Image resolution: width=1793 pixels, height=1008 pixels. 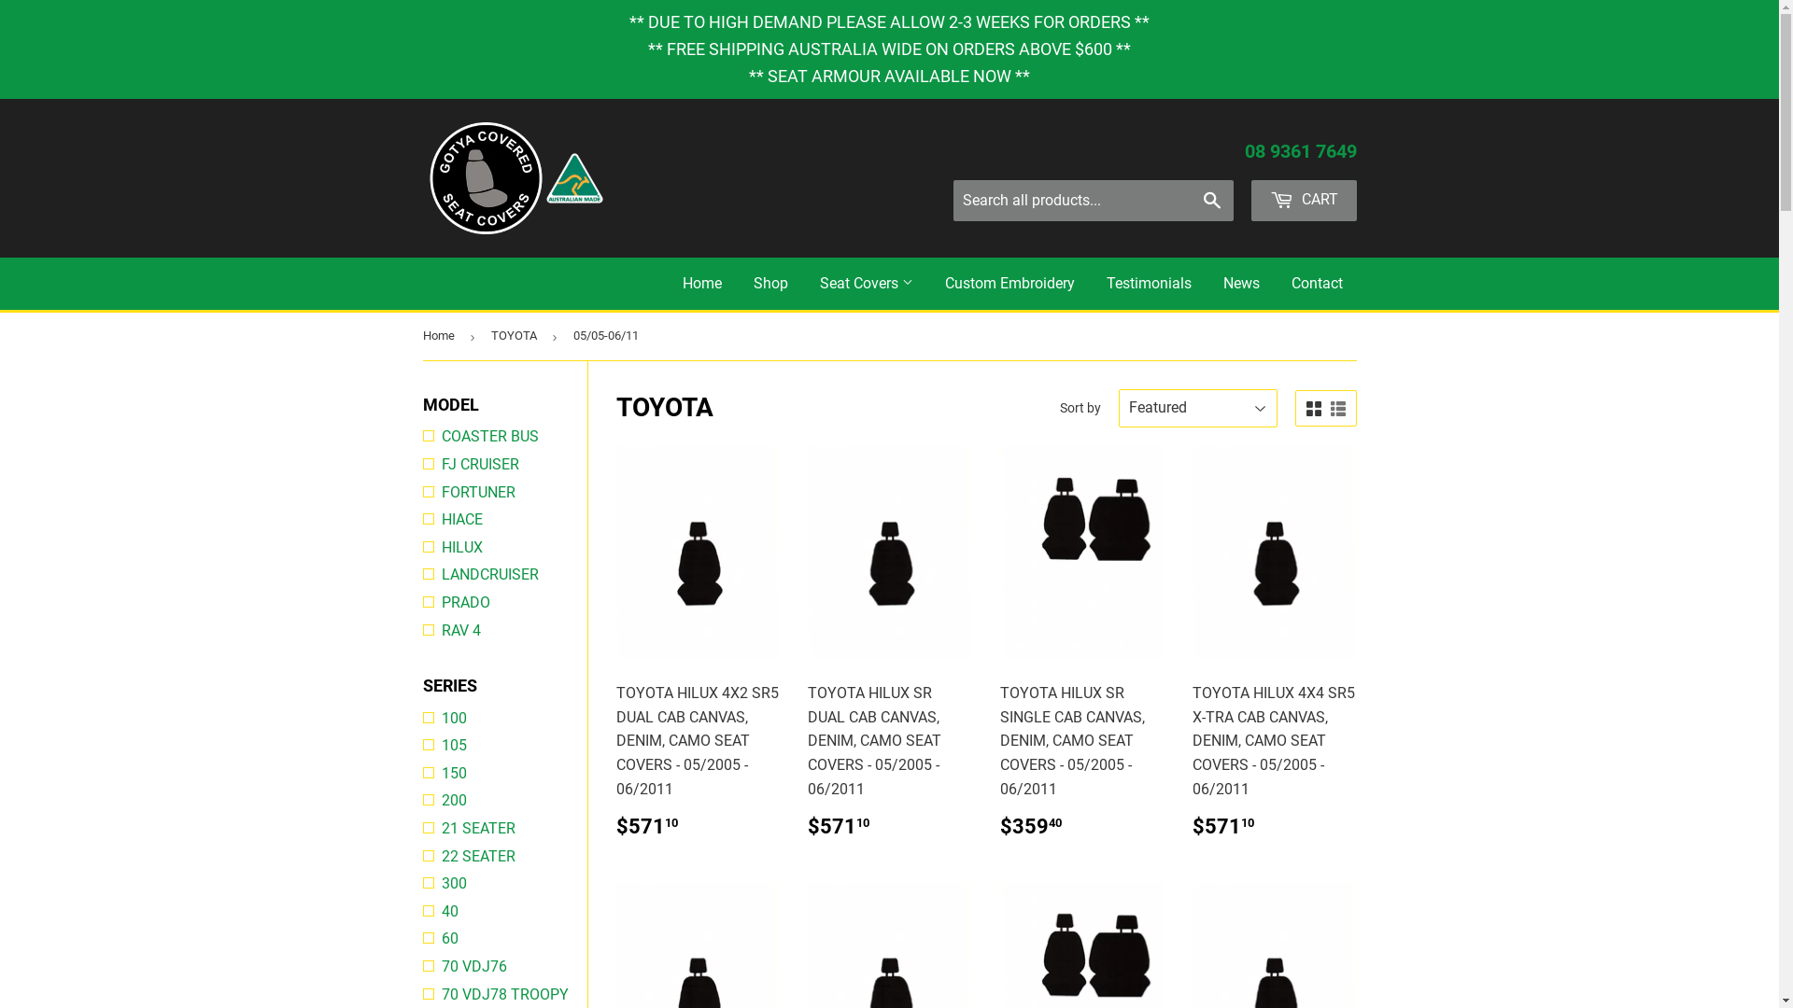 I want to click on 'Custom Embroidery', so click(x=1008, y=284).